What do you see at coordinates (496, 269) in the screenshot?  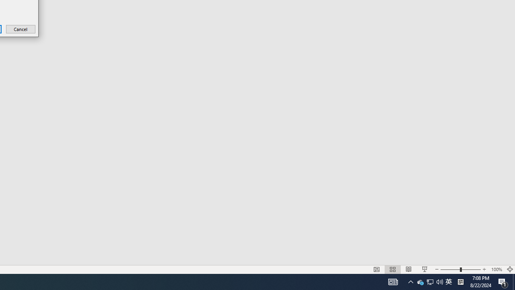 I see `'Zoom 100%'` at bounding box center [496, 269].